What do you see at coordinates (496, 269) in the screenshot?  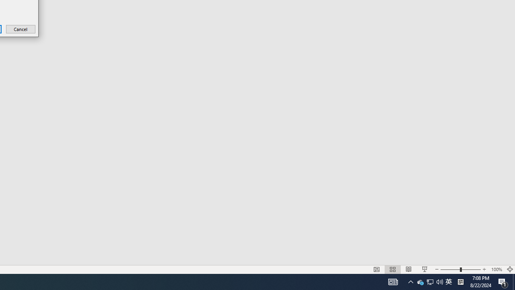 I see `'Zoom 100%'` at bounding box center [496, 269].